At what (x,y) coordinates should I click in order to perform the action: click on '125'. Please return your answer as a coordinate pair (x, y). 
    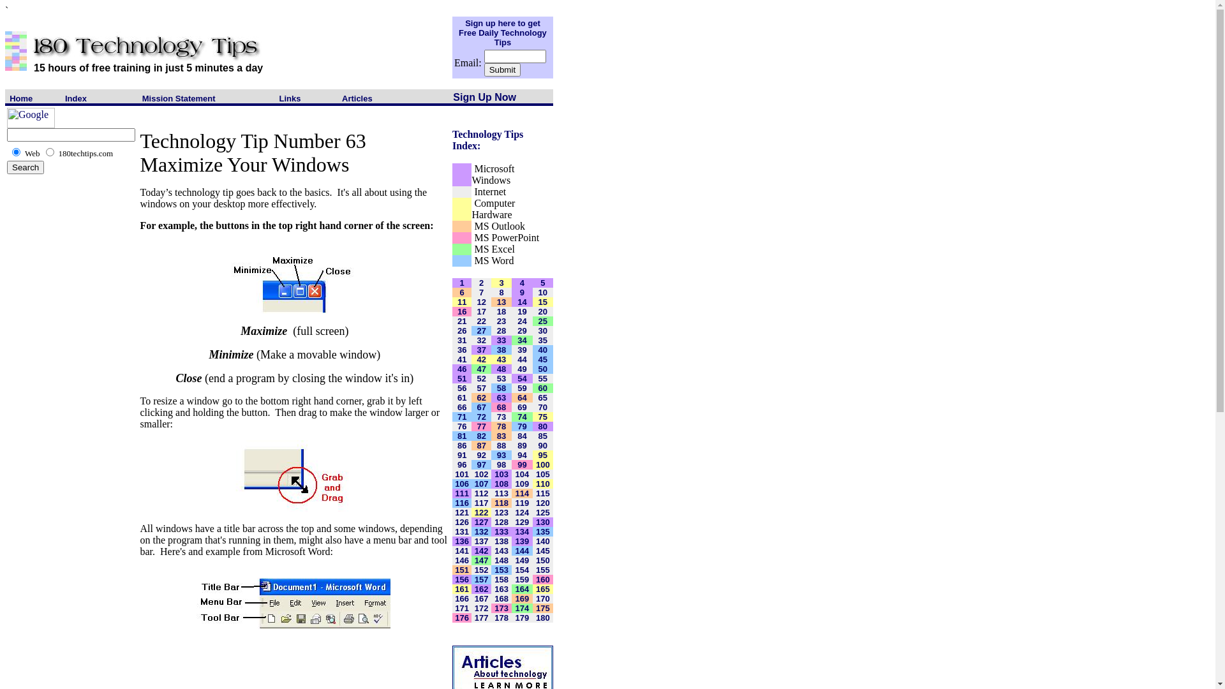
    Looking at the image, I should click on (536, 511).